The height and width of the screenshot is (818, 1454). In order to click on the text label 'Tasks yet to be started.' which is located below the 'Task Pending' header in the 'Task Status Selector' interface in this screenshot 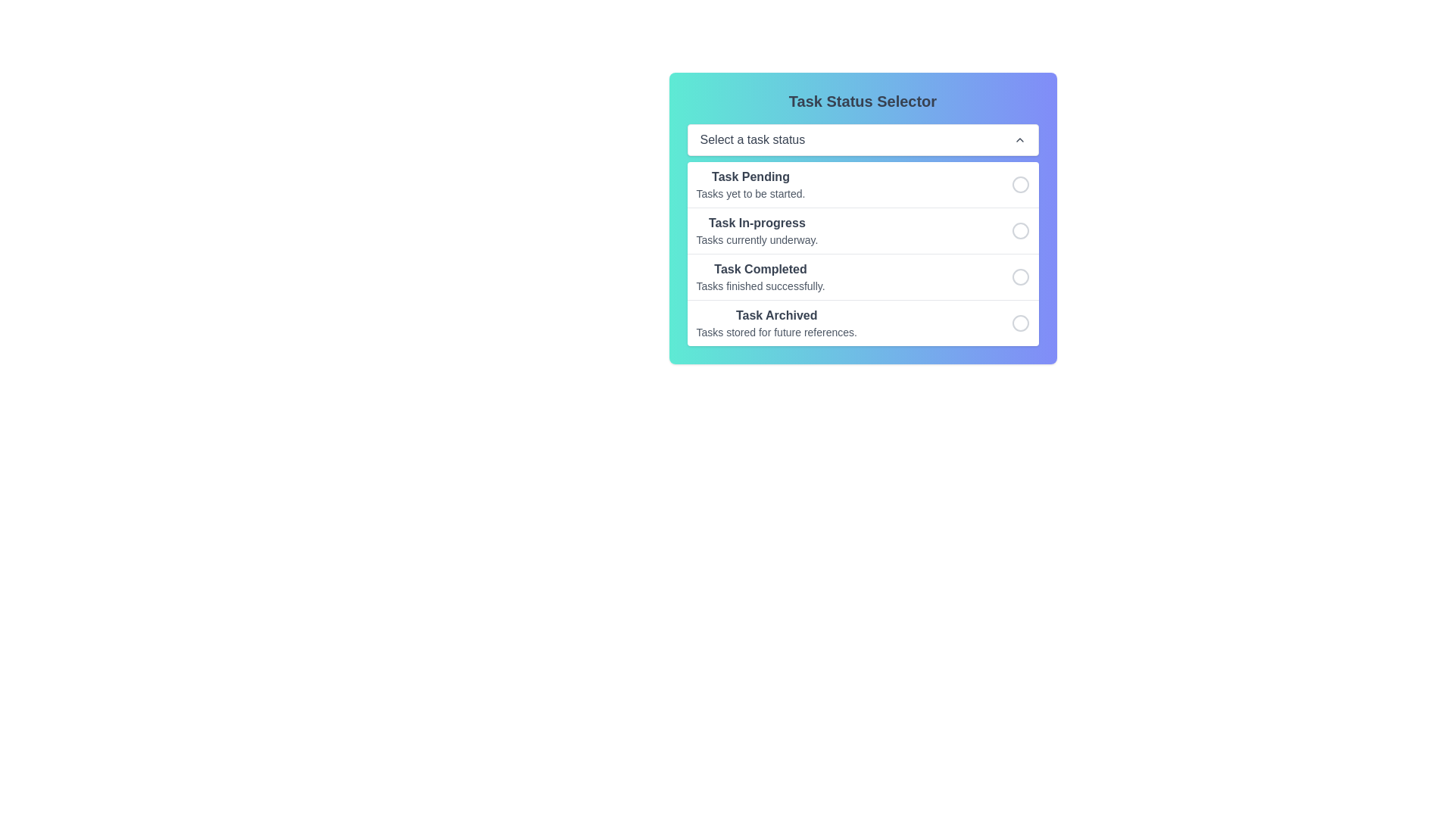, I will do `click(750, 192)`.